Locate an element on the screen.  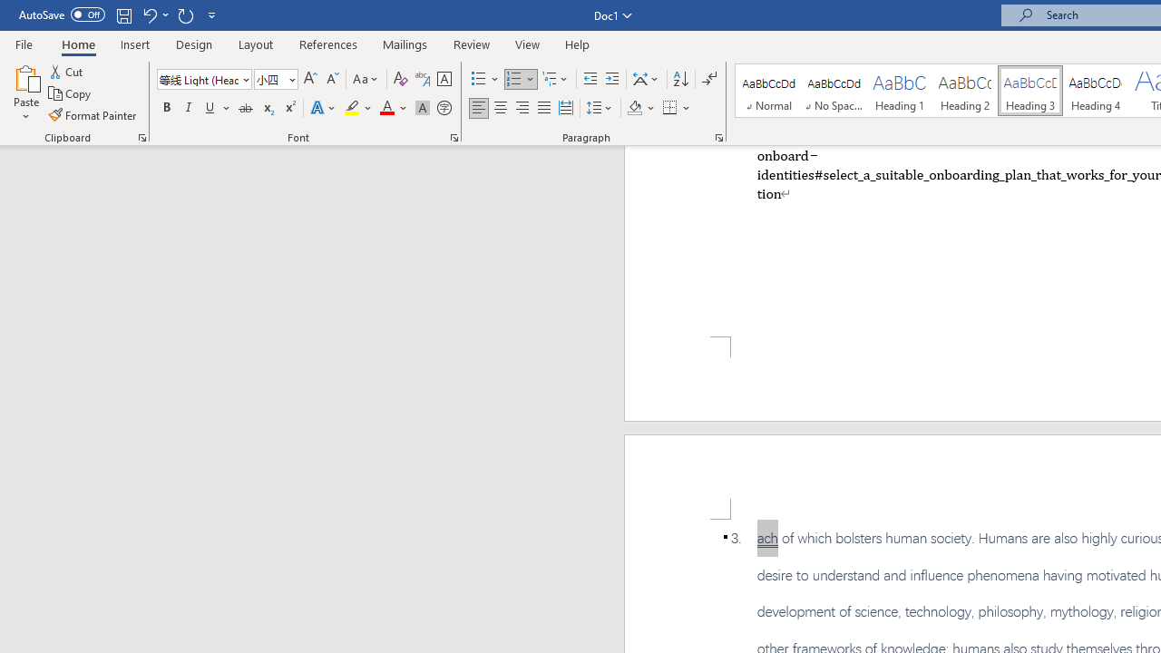
'Repeat Style' is located at coordinates (185, 15).